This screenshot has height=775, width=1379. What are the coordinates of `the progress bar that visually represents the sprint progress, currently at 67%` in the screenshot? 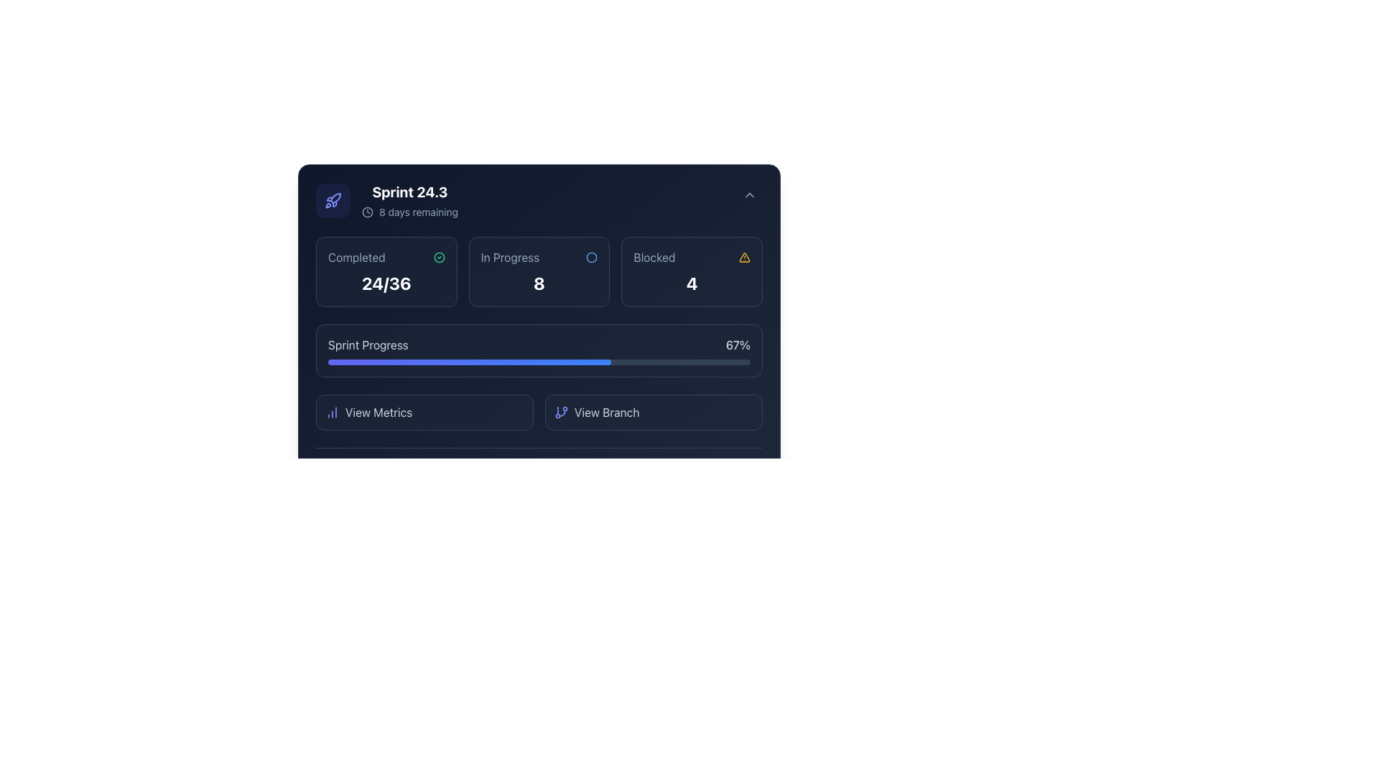 It's located at (538, 351).